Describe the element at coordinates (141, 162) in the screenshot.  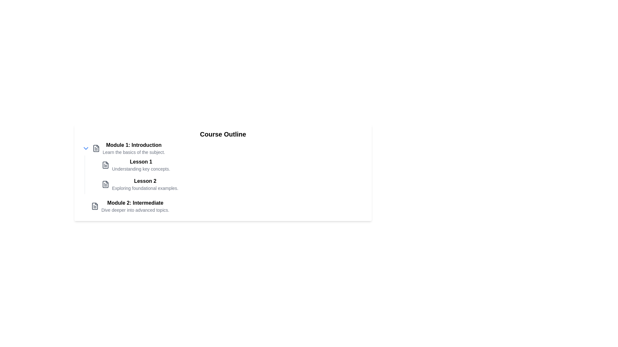
I see `the 'Lesson 1' text header, which is displayed in bold and larger font` at that location.